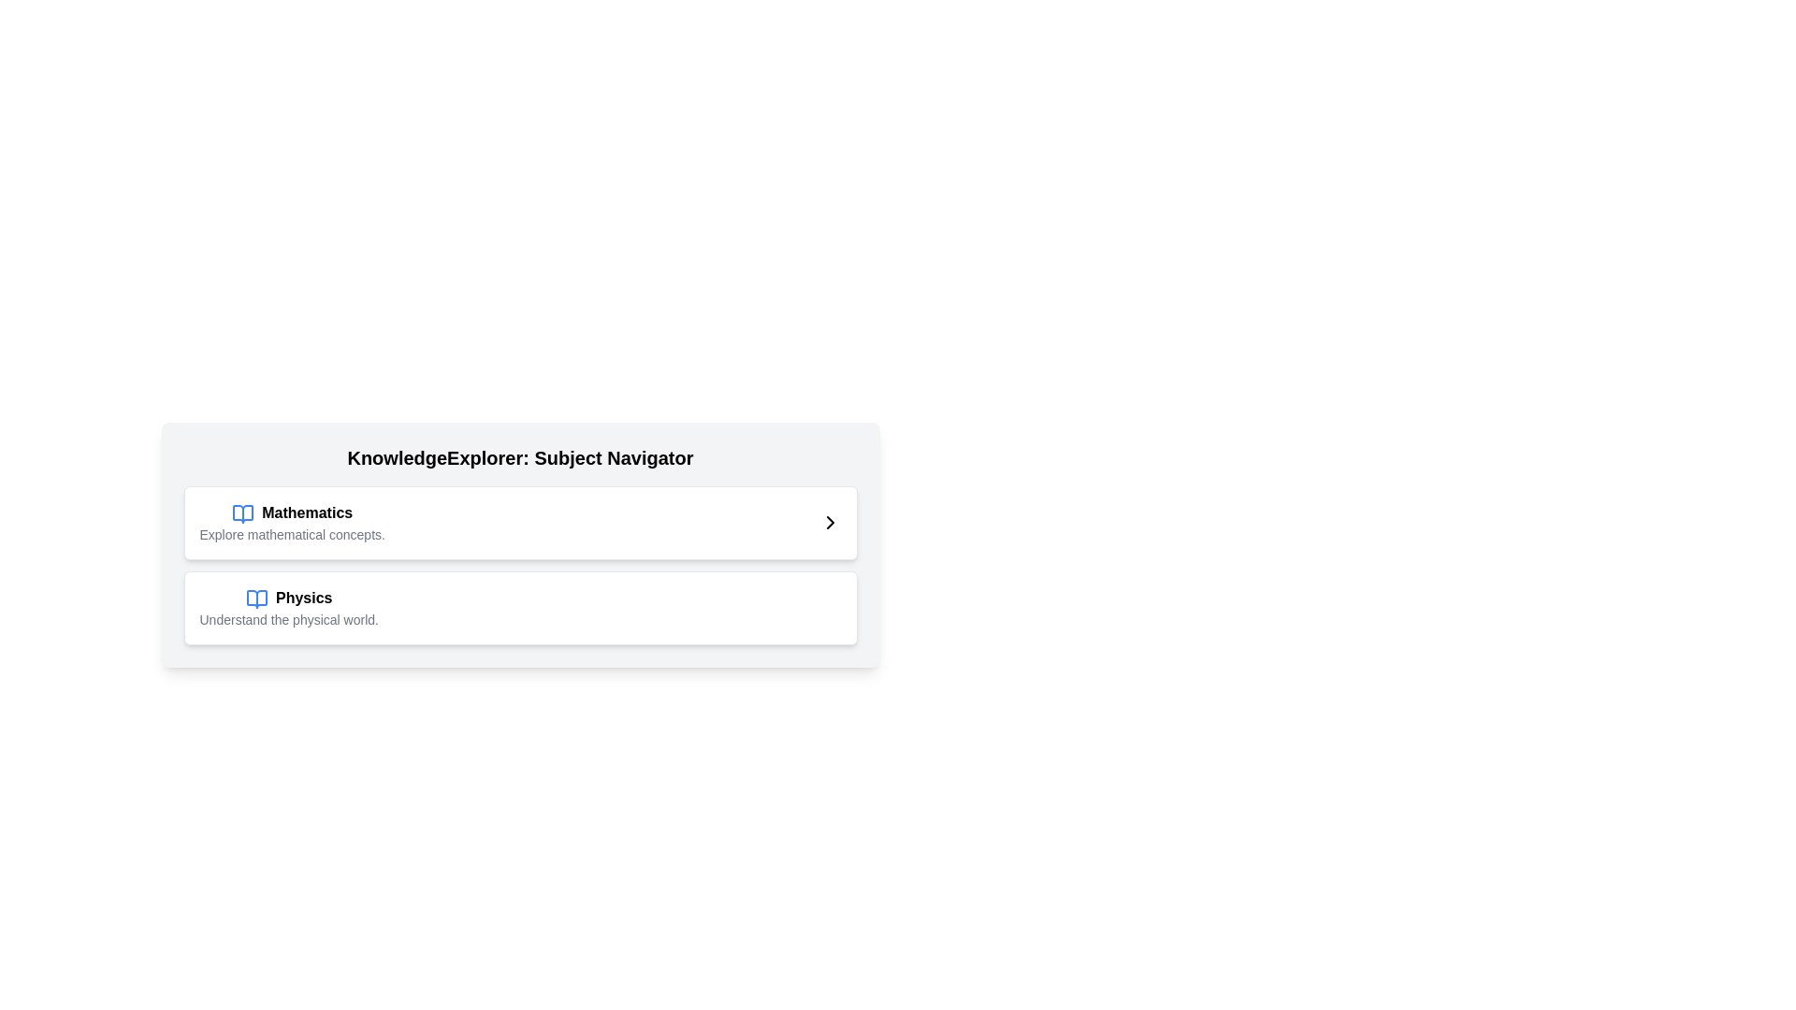 The height and width of the screenshot is (1010, 1796). Describe the element at coordinates (291, 523) in the screenshot. I see `the interactive section header for the 'Mathematics' subject` at that location.